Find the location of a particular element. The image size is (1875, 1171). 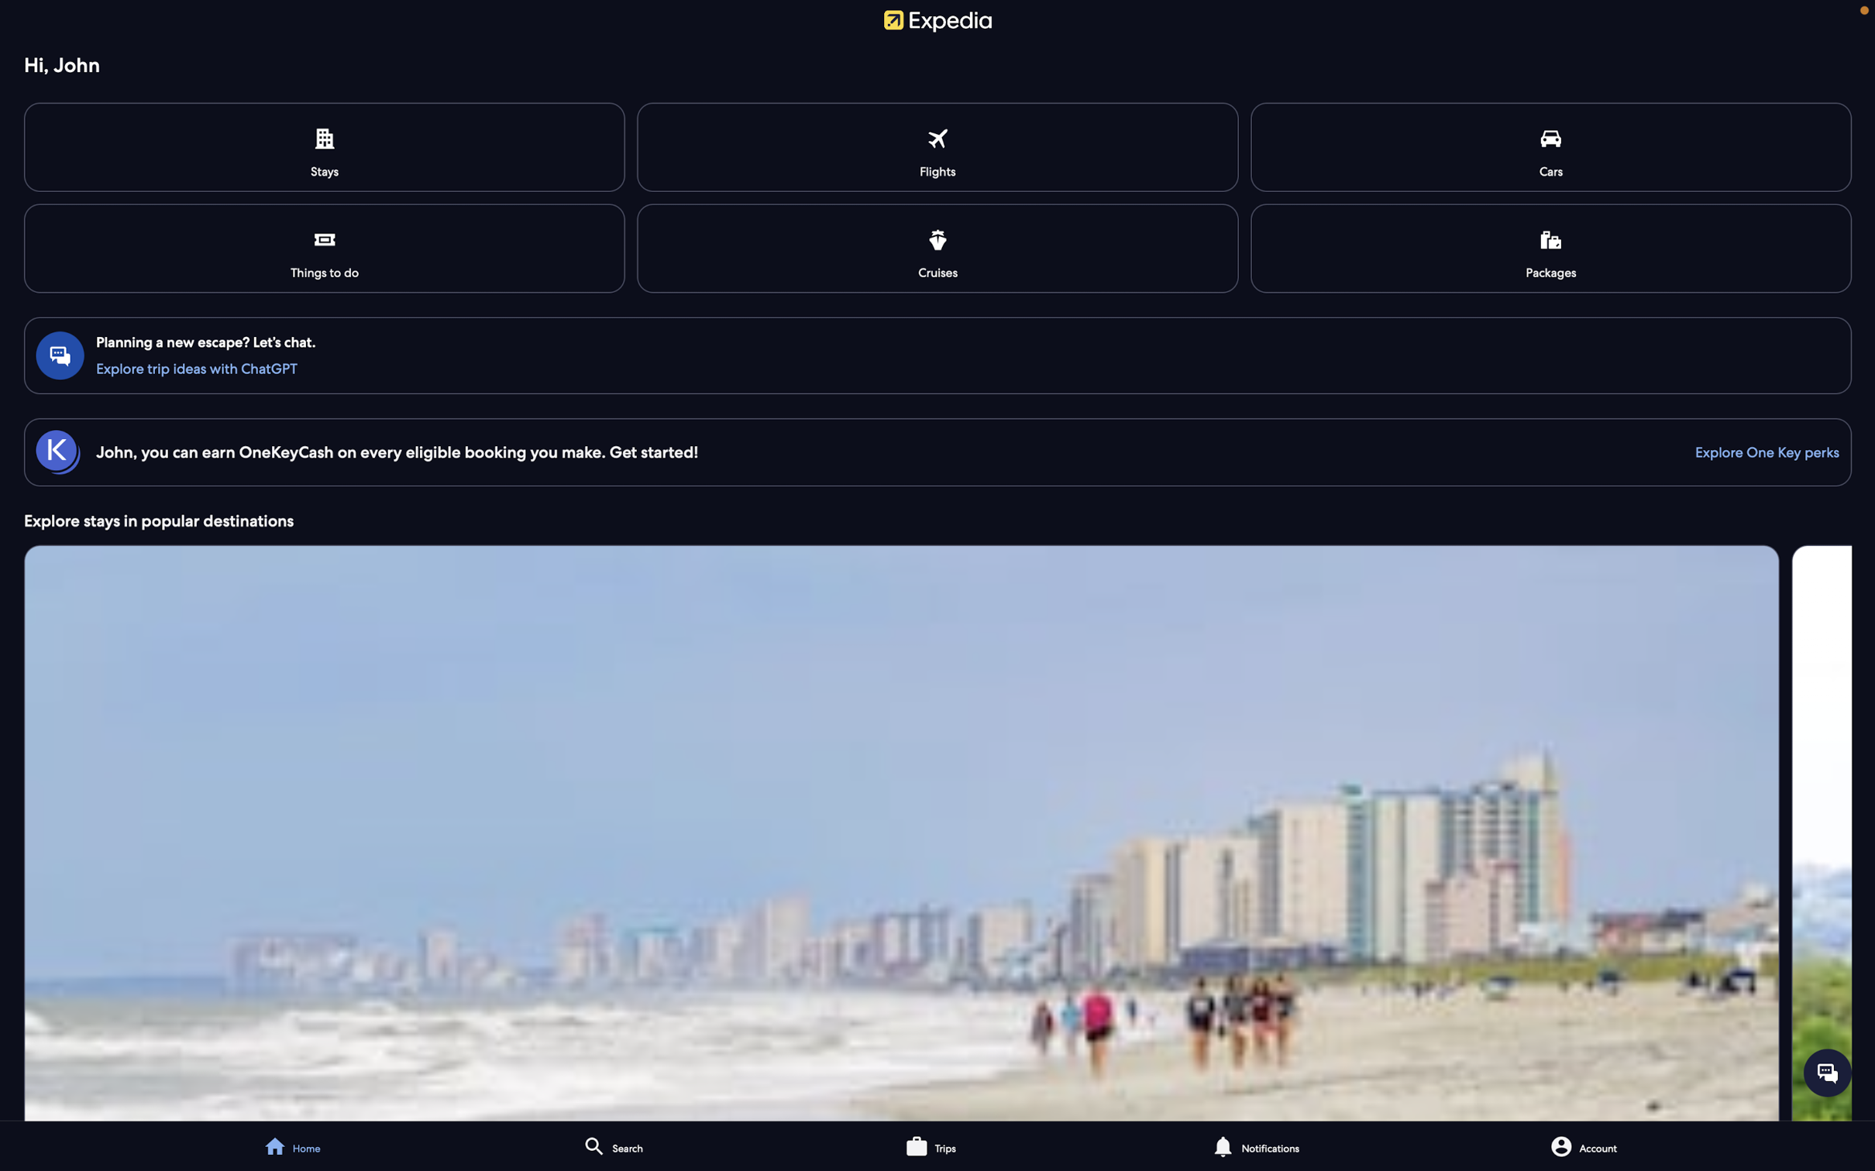

the option for exploring stays is located at coordinates (937, 830).